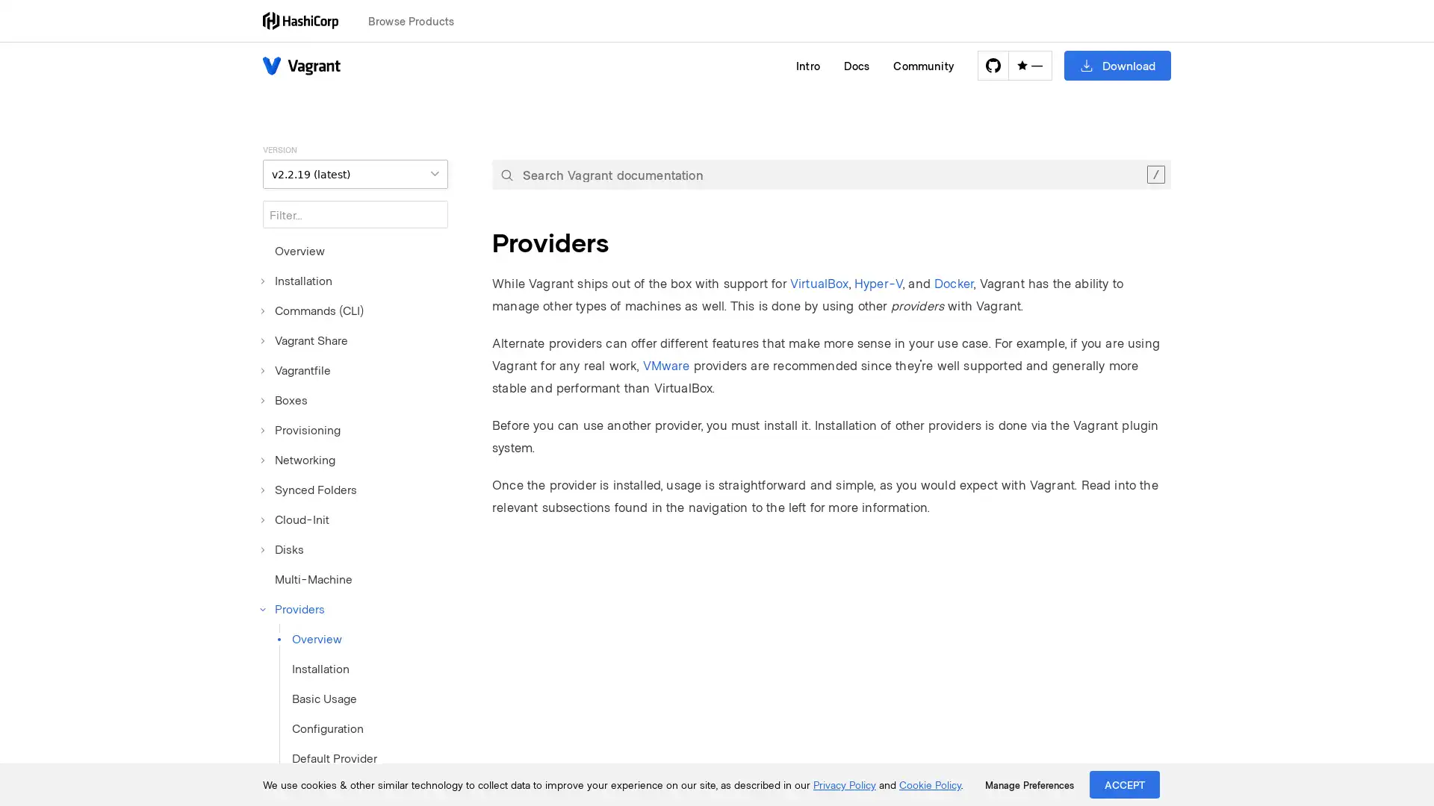 The image size is (1434, 806). I want to click on Vagrantfile, so click(297, 369).